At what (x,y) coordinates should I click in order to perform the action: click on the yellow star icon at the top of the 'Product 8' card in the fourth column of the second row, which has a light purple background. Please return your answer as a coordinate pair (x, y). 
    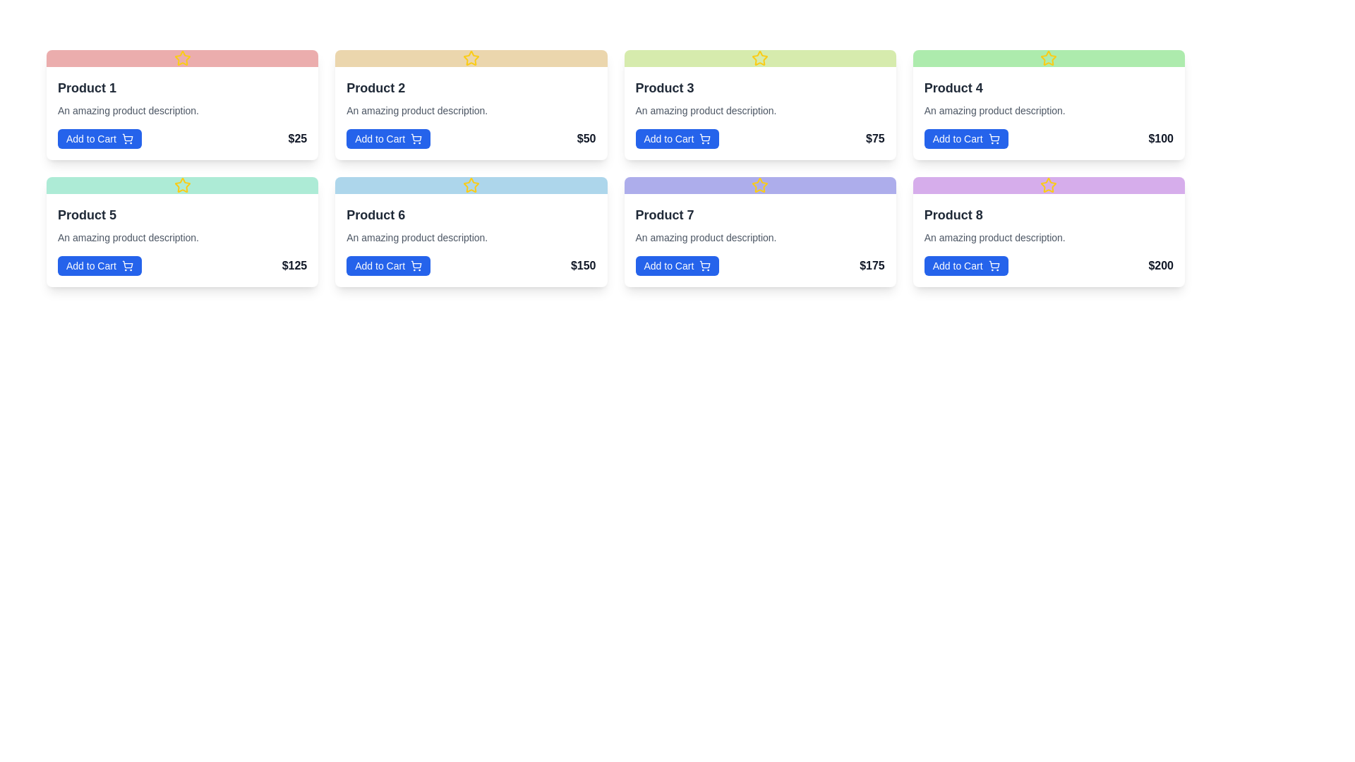
    Looking at the image, I should click on (1049, 184).